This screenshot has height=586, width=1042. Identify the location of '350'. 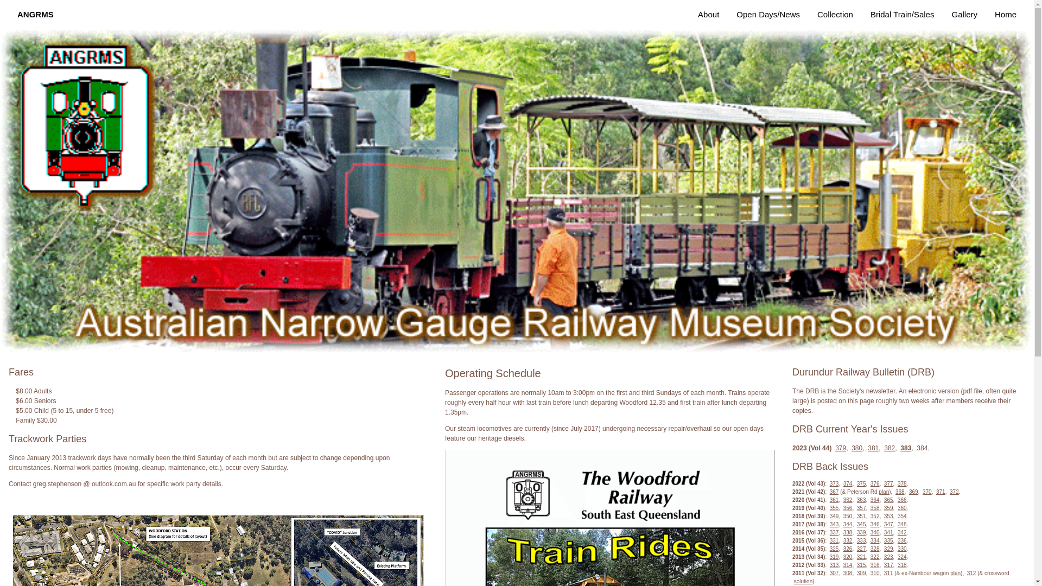
(847, 515).